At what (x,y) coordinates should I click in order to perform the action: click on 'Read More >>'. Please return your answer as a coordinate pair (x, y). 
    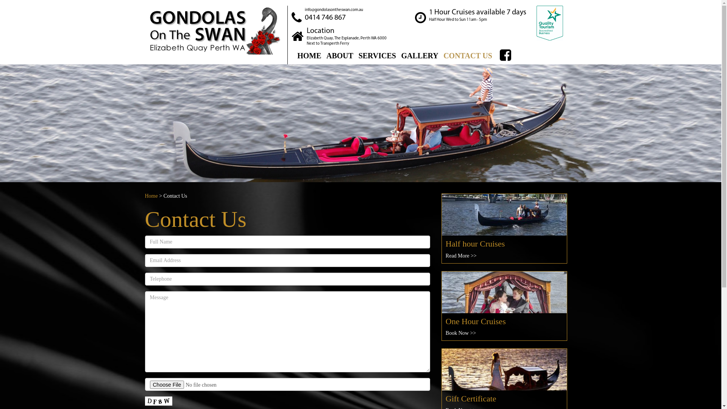
    Looking at the image, I should click on (461, 256).